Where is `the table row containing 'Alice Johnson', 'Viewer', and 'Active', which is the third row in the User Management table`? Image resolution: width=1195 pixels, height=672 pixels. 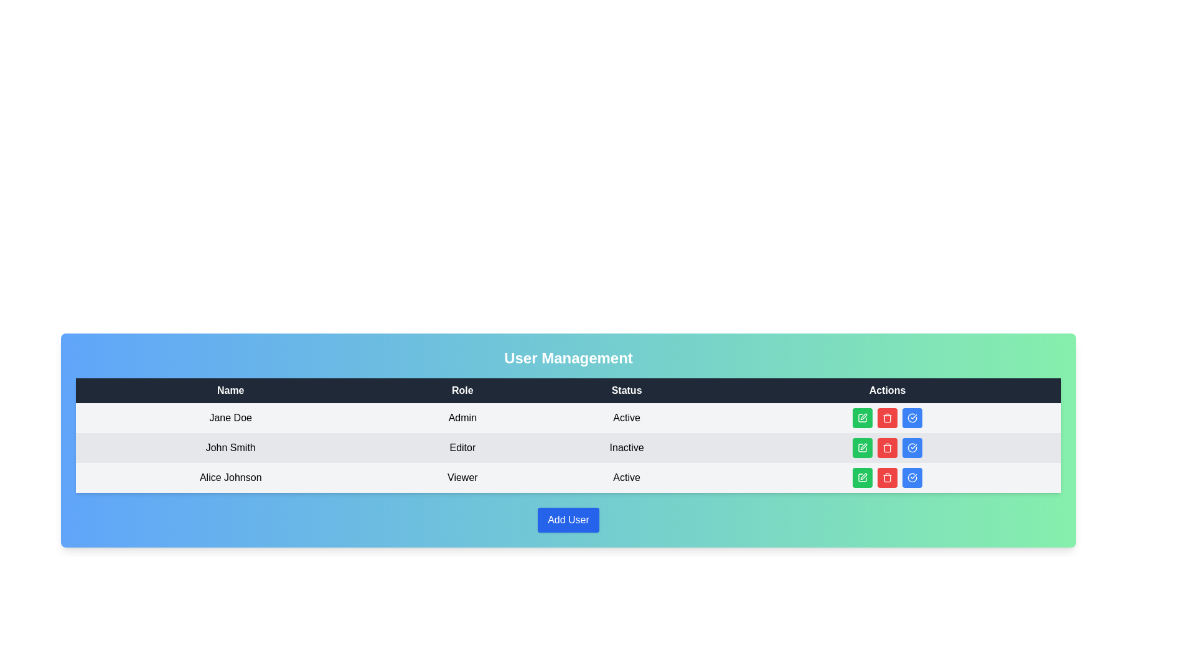 the table row containing 'Alice Johnson', 'Viewer', and 'Active', which is the third row in the User Management table is located at coordinates (568, 477).